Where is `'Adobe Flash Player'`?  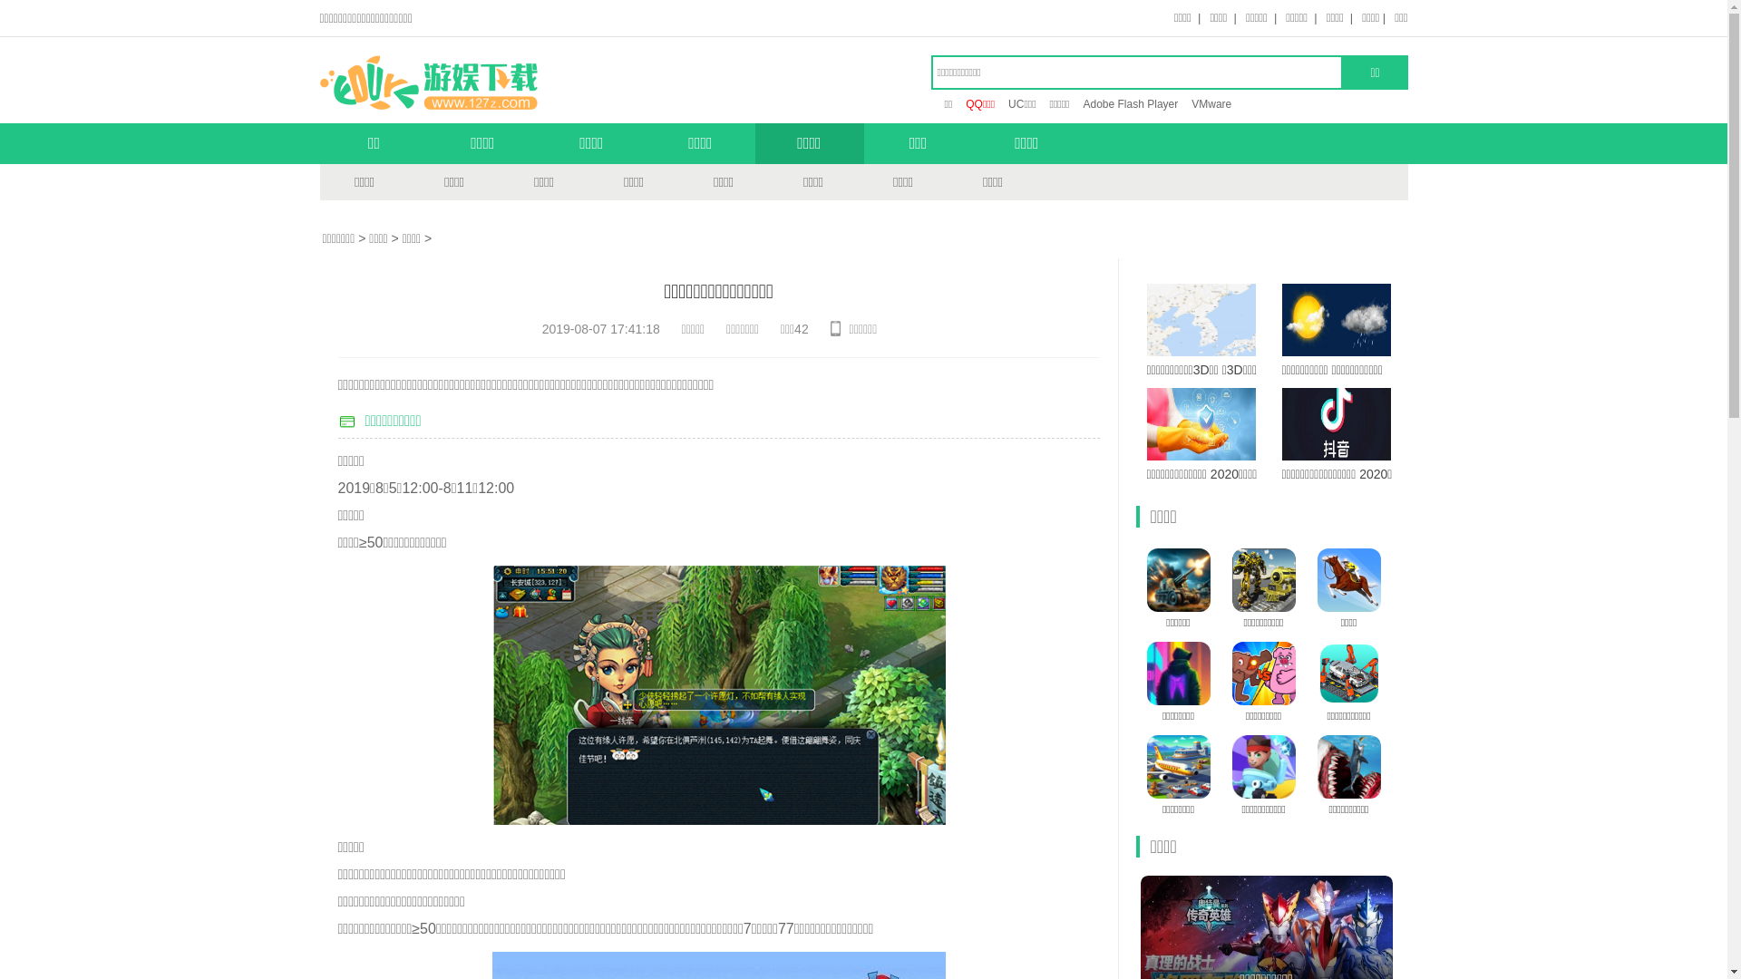
'Adobe Flash Player' is located at coordinates (1083, 104).